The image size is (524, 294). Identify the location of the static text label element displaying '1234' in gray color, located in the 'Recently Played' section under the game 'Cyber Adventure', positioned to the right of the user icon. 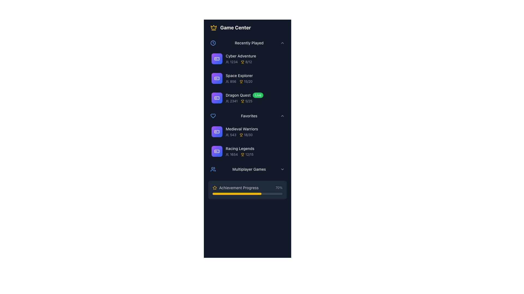
(234, 62).